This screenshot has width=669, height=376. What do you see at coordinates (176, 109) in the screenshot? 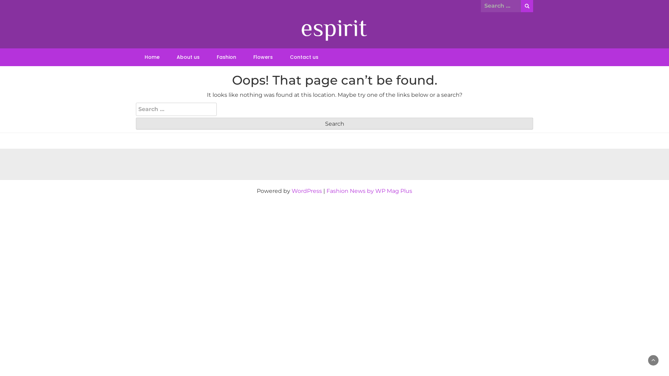
I see `'Search for:'` at bounding box center [176, 109].